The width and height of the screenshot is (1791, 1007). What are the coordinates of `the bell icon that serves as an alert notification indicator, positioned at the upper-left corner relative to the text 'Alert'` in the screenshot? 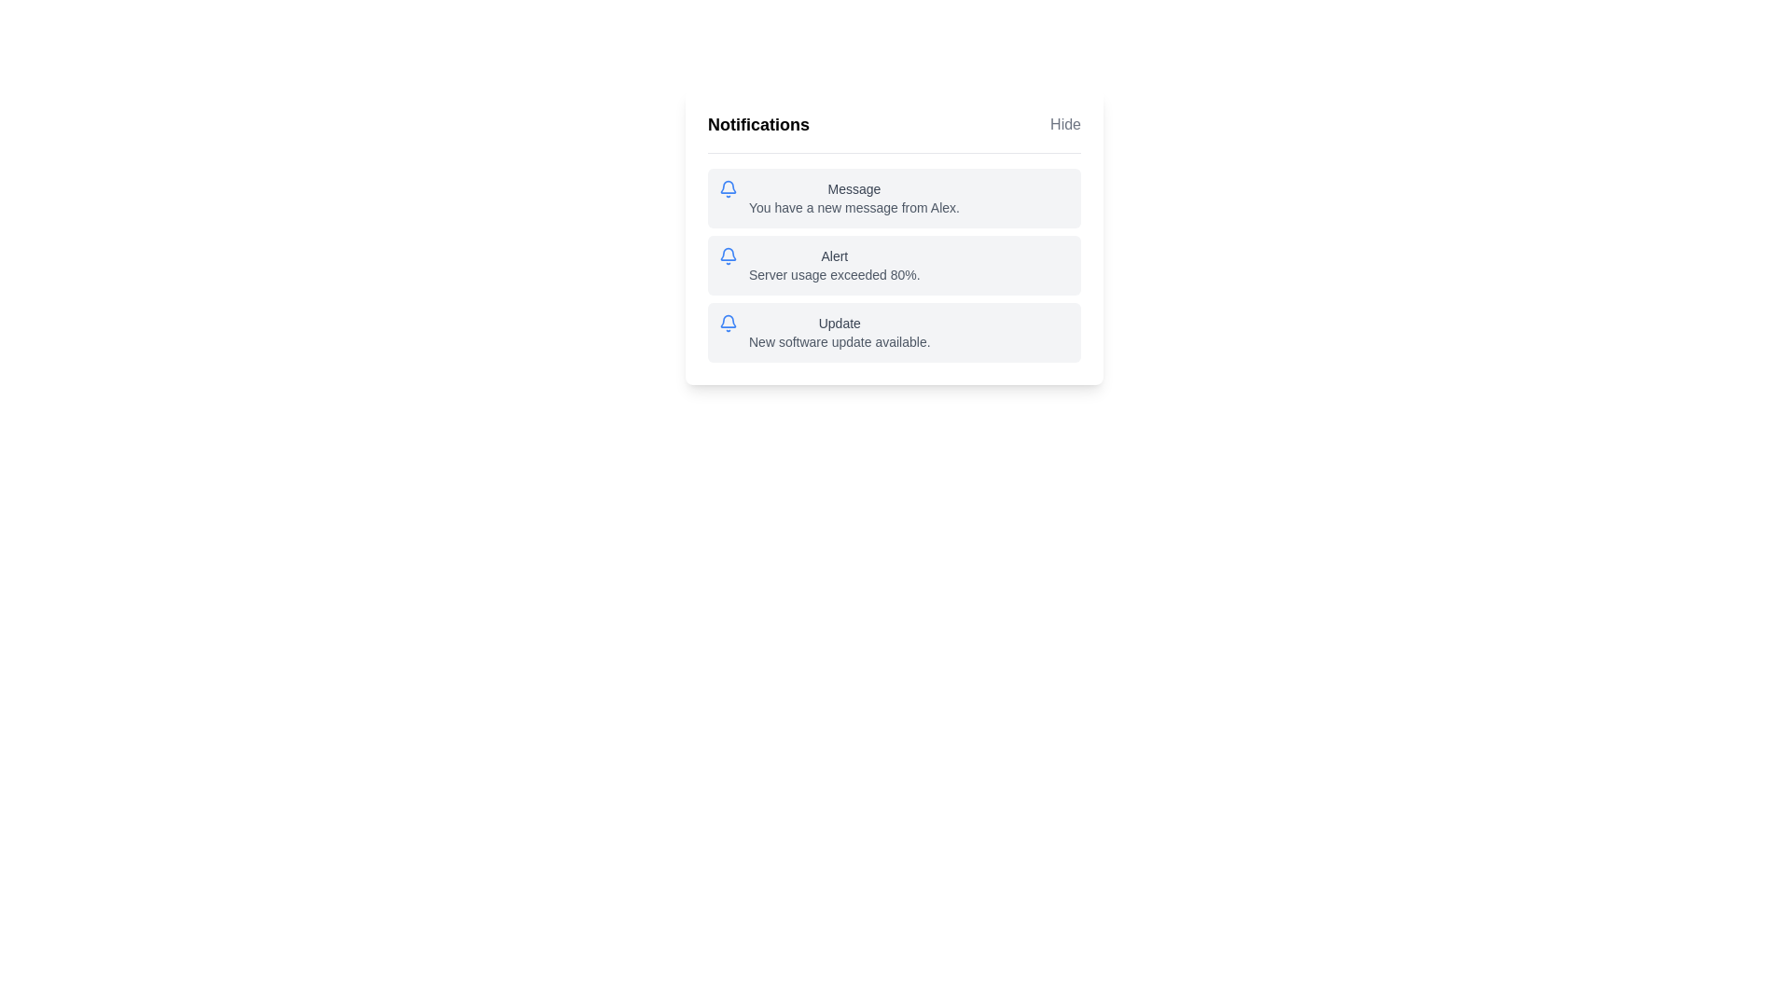 It's located at (728, 255).